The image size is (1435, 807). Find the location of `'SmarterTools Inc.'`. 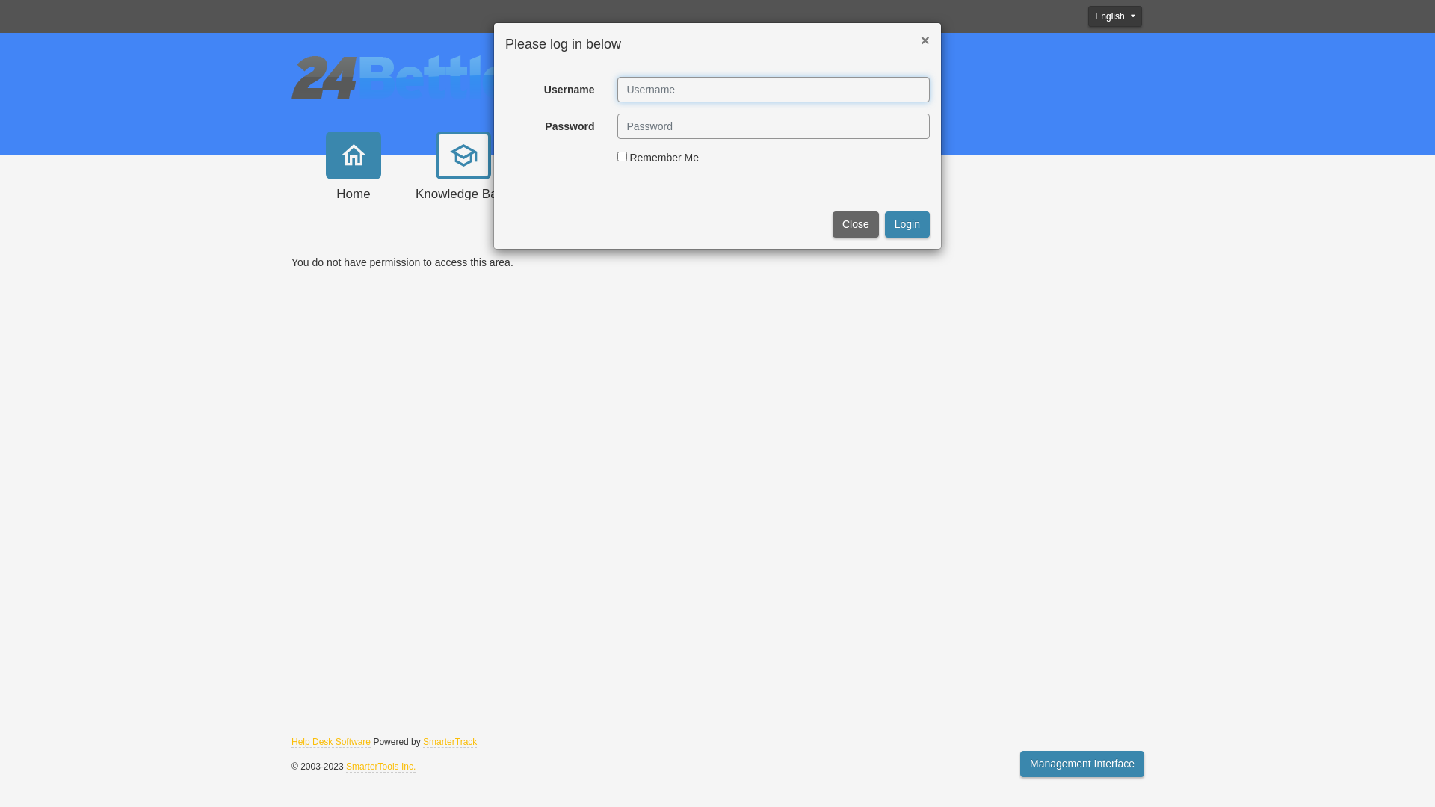

'SmarterTools Inc.' is located at coordinates (345, 767).